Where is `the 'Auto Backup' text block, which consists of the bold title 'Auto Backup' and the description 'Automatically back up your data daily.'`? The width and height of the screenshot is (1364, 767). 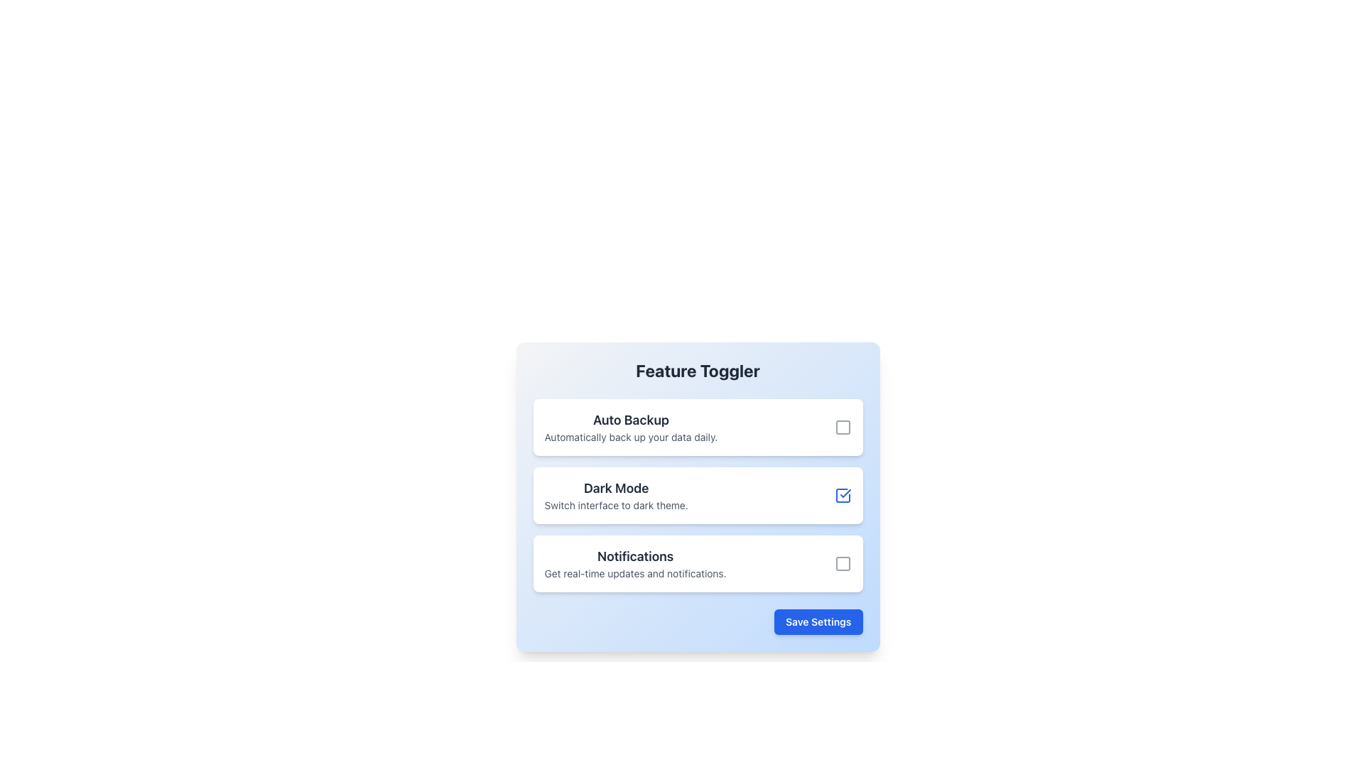
the 'Auto Backup' text block, which consists of the bold title 'Auto Backup' and the description 'Automatically back up your data daily.' is located at coordinates (630, 426).